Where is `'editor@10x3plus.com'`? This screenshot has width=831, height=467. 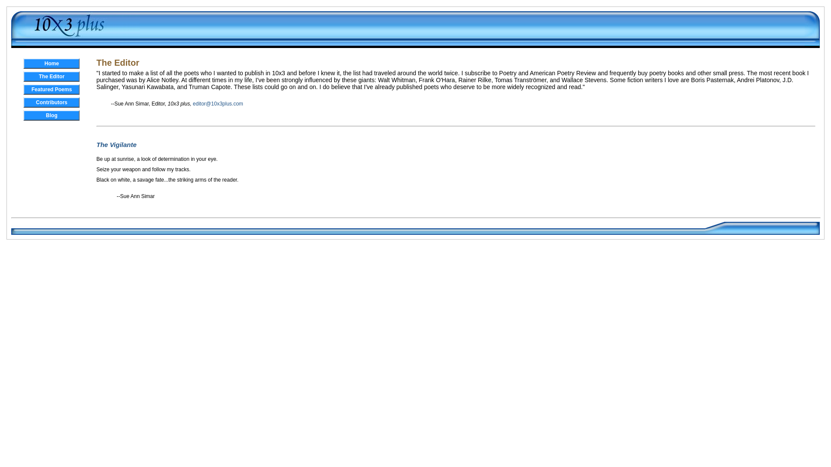 'editor@10x3plus.com' is located at coordinates (218, 103).